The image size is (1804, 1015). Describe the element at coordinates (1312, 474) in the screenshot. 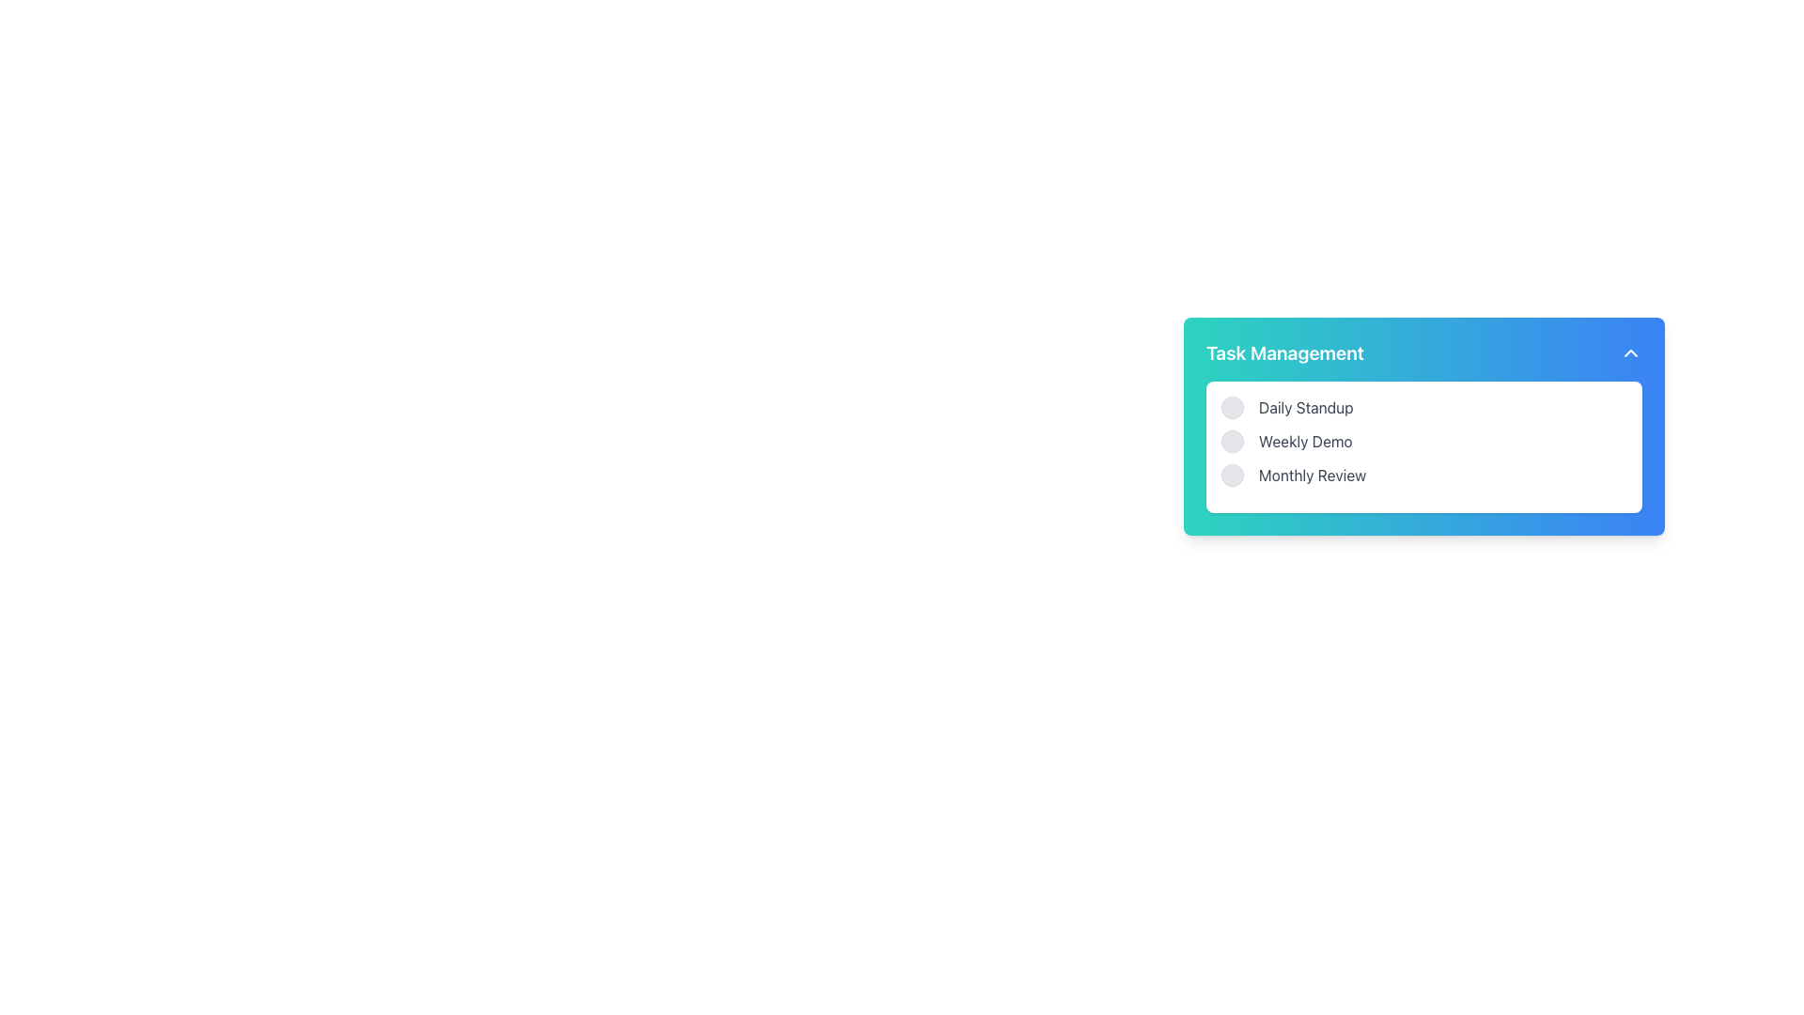

I see `the text label indicating the monthly review task, which is associated with the third option in the Task Management card, located to the right of the circular radio button and below the Weekly Demo label` at that location.